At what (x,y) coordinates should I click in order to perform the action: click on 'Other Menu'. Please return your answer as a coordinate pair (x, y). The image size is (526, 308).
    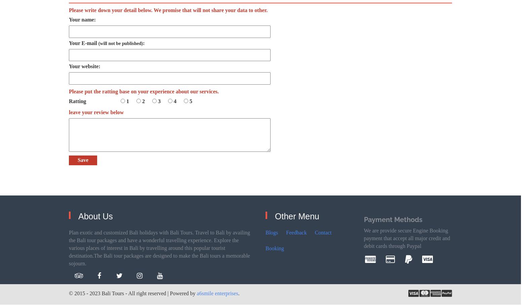
    Looking at the image, I should click on (297, 216).